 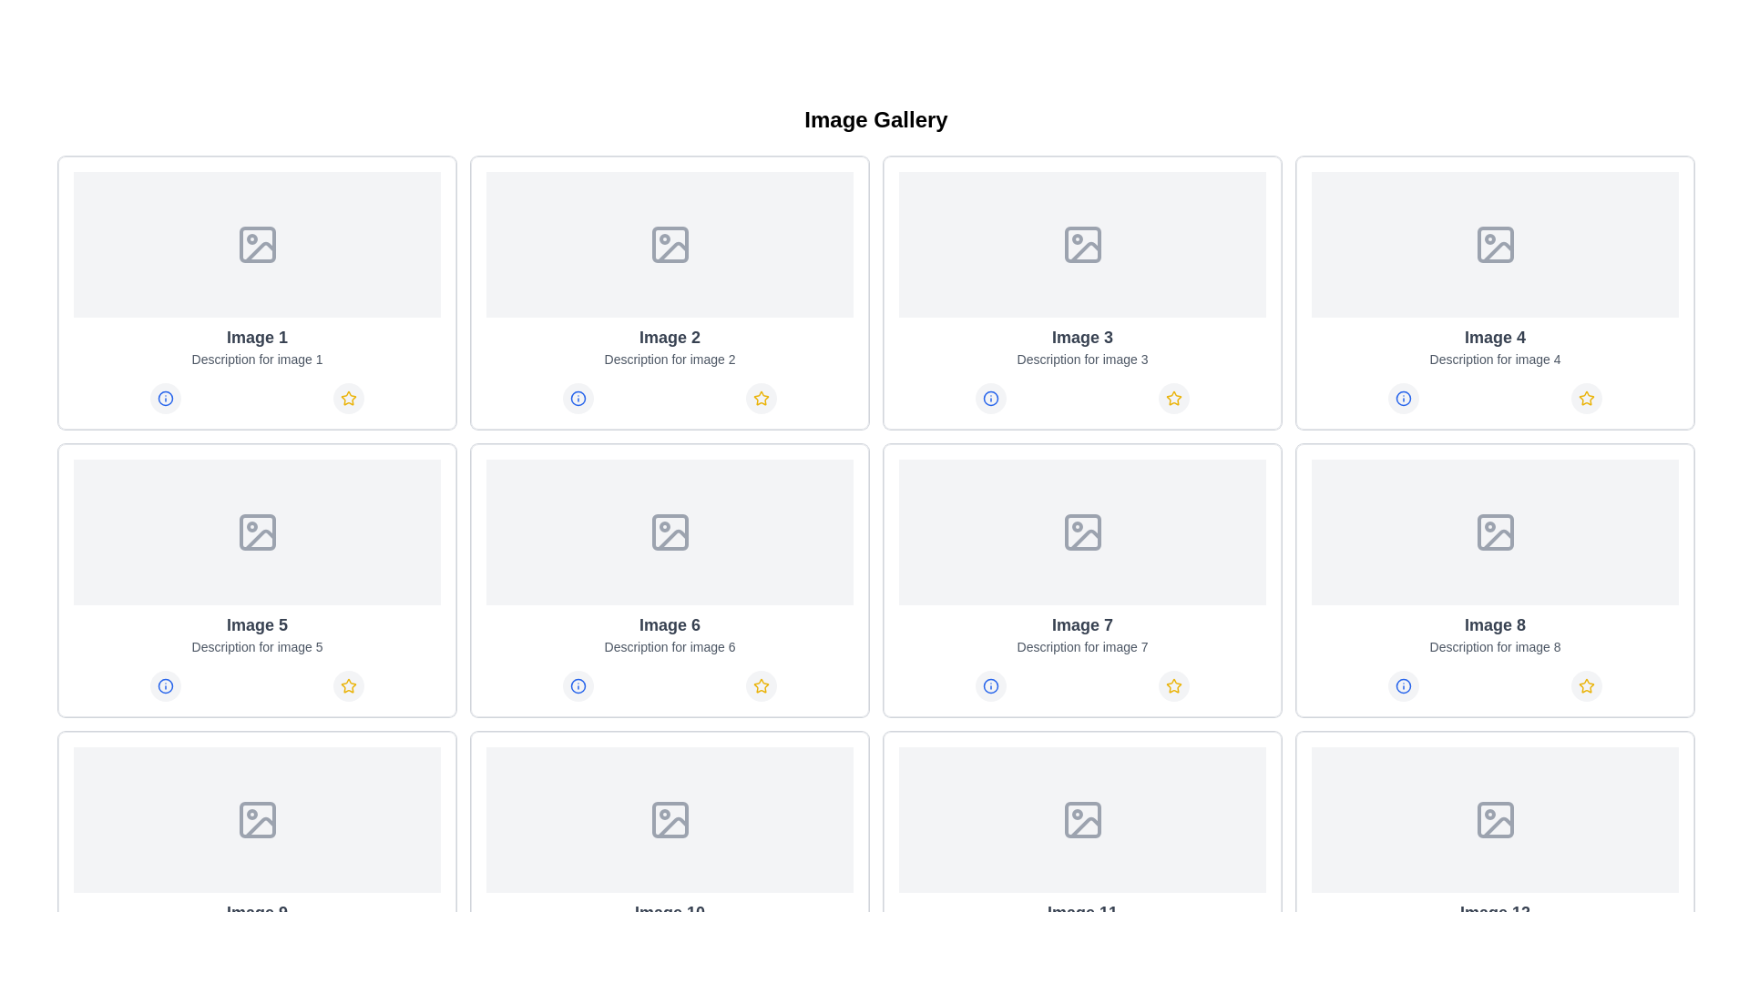 What do you see at coordinates (1586, 397) in the screenshot?
I see `the golden-yellow star-shaped icon located at the bottom-right corner of the 'Image 8' card to favorite the image` at bounding box center [1586, 397].